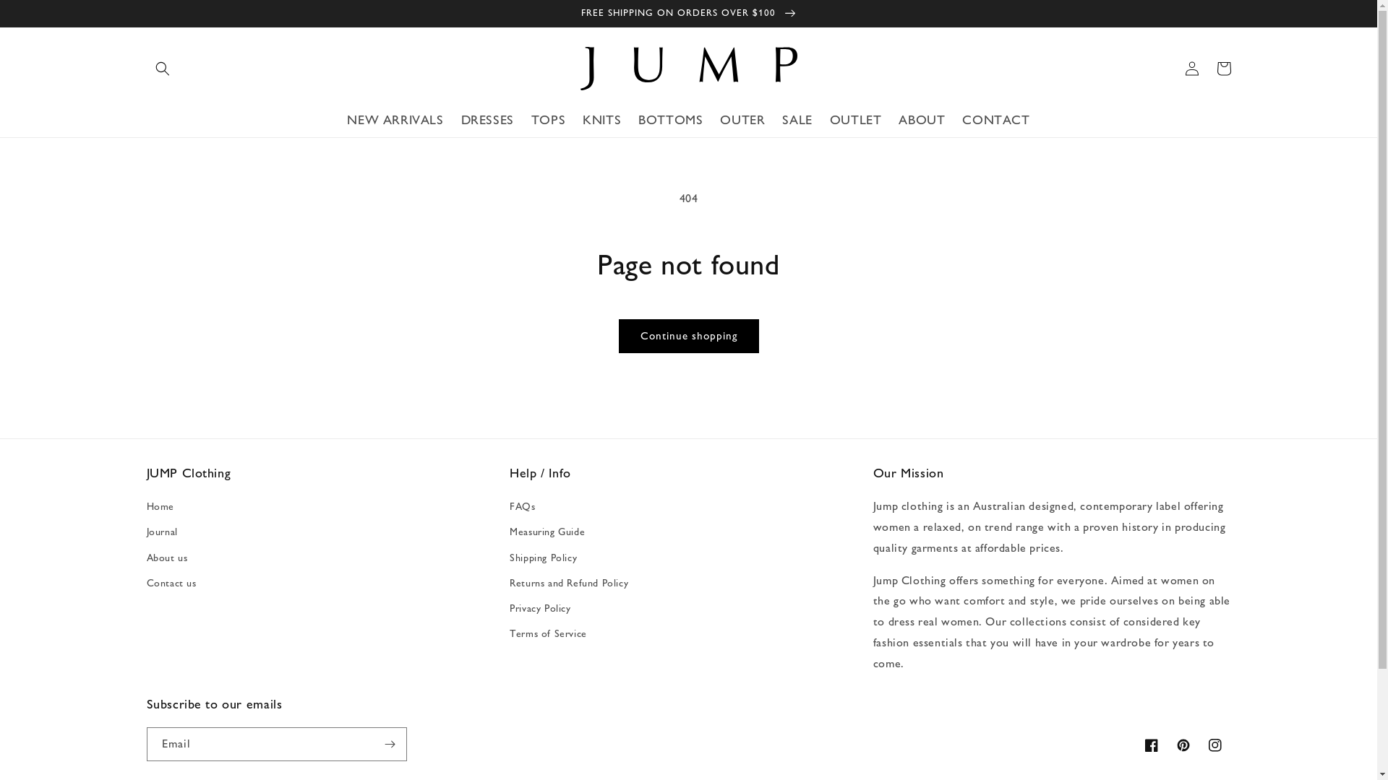 Image resolution: width=1388 pixels, height=780 pixels. I want to click on 'Cart', so click(1207, 69).